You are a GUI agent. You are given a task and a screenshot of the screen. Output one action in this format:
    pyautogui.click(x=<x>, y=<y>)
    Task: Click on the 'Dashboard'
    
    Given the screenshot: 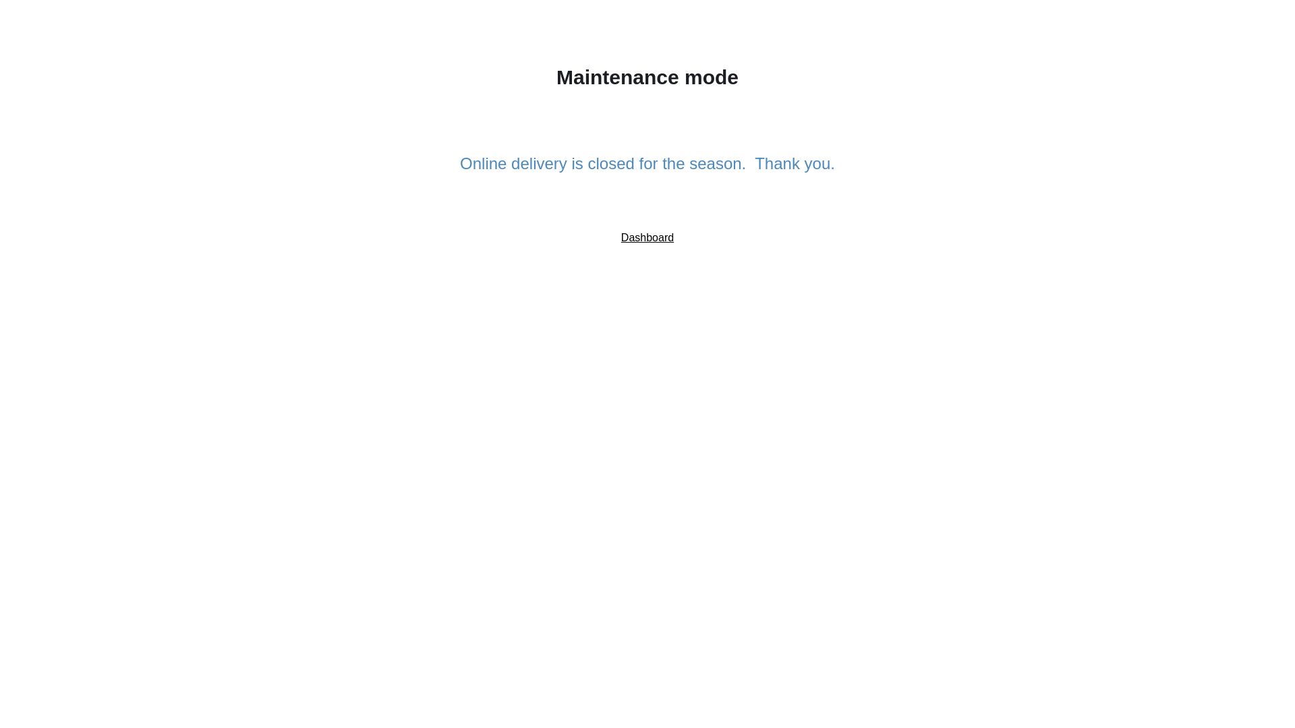 What is the action you would take?
    pyautogui.click(x=647, y=237)
    